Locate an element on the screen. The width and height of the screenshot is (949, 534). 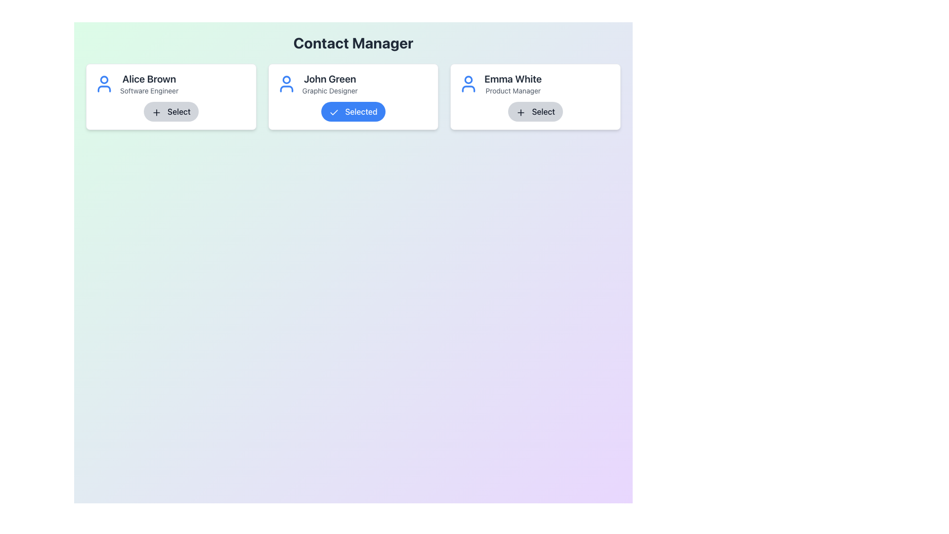
the Profile Summary element located in the third card under the 'Contact Manager' heading, positioned to the left of the 'Select' button is located at coordinates (535, 83).